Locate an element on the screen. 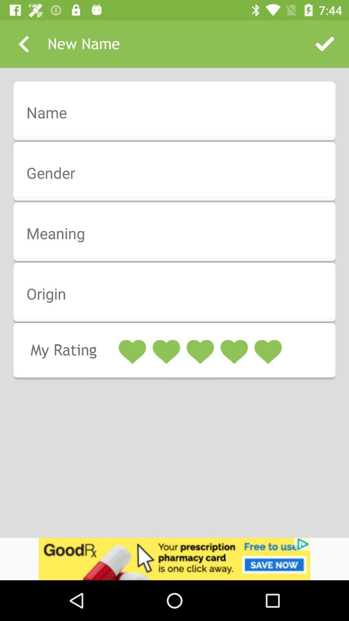 The image size is (349, 621). click for word meaning is located at coordinates (179, 234).